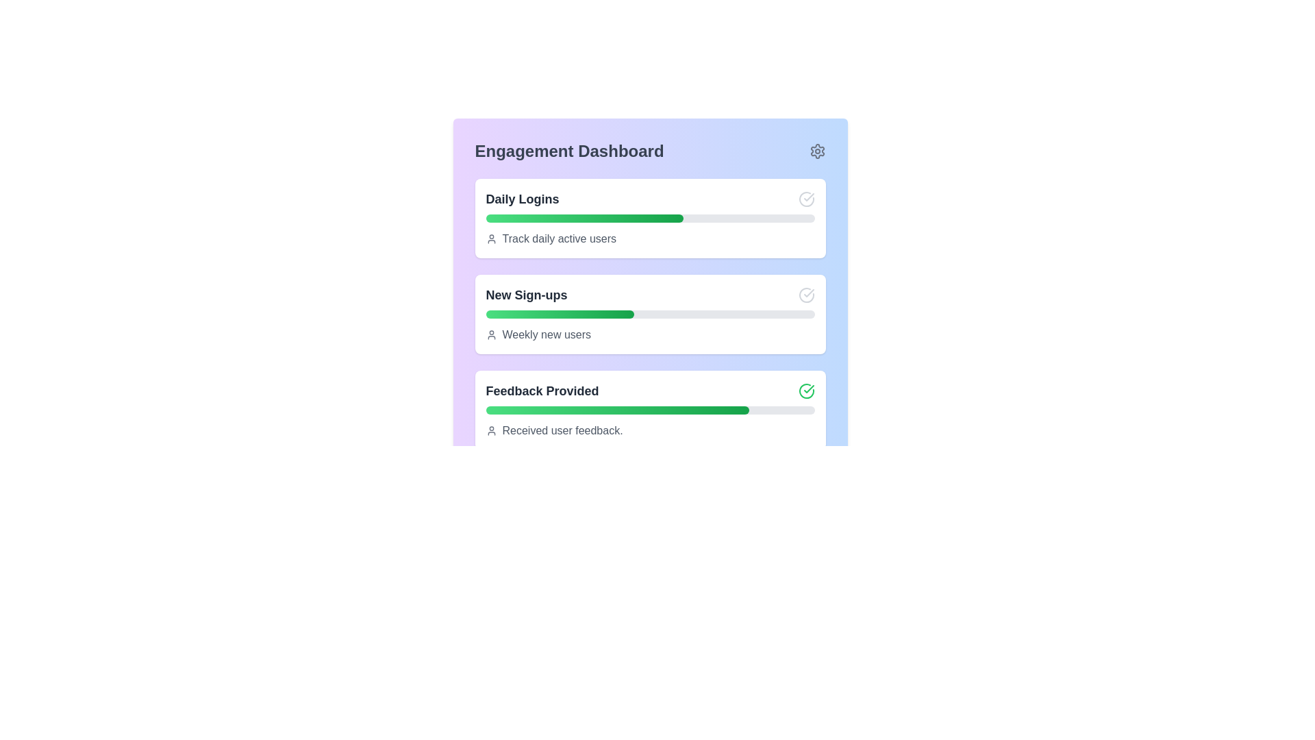  I want to click on the 'Engagement Dashboard' header with the gear icon on the right, so click(649, 151).